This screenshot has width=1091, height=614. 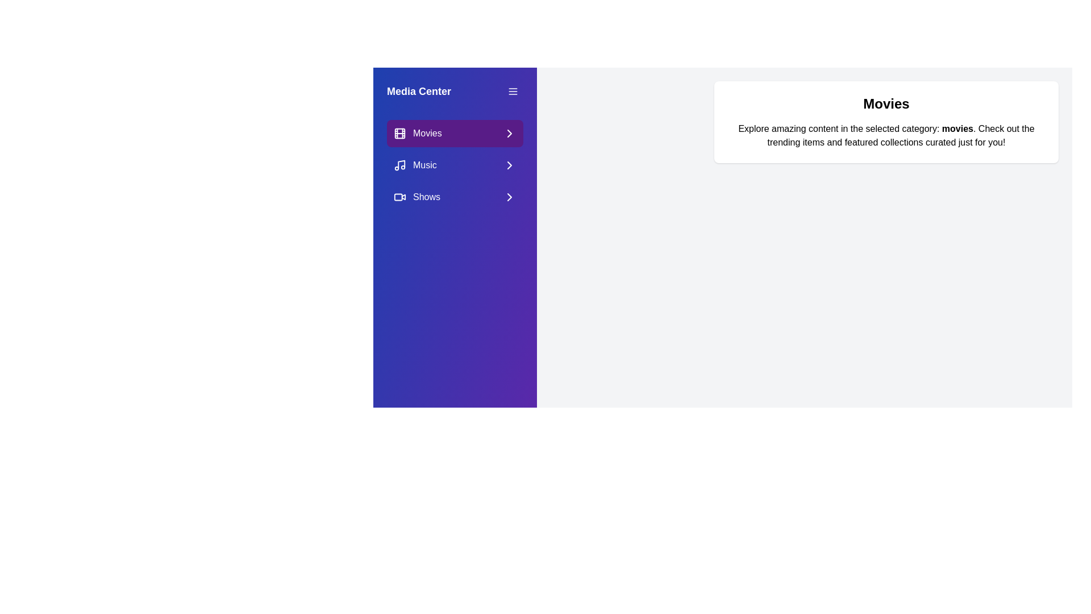 I want to click on the 'Shows' text label in the navigation menu, which is styled in white on a dark purple background and is the third item in the vertical navigation menu, so click(x=426, y=197).